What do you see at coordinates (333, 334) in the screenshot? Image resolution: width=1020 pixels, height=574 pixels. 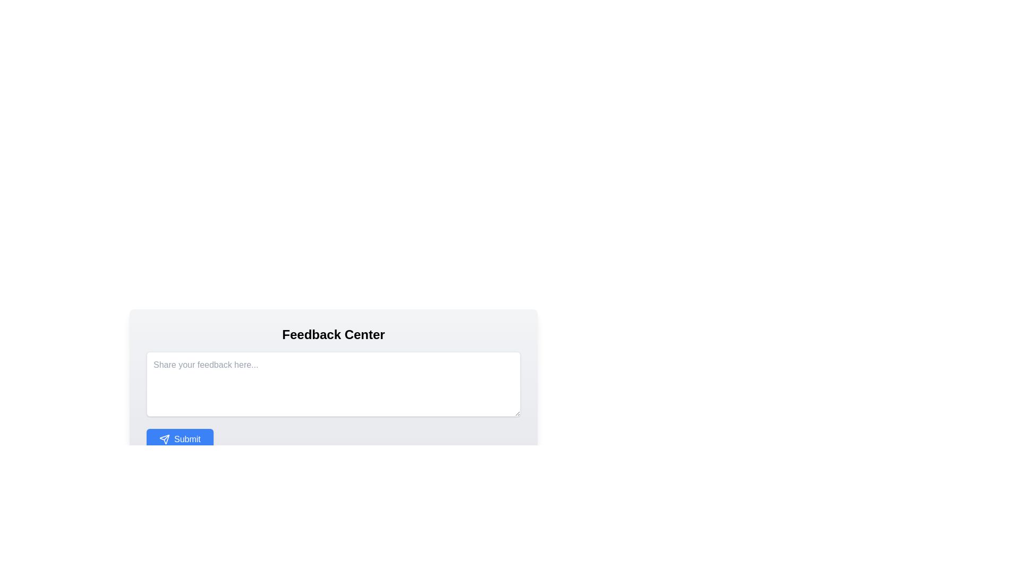 I see `the 'Feedback Center' header text, which is a bold, large-sized title displayed centrally above the feedback input text box` at bounding box center [333, 334].